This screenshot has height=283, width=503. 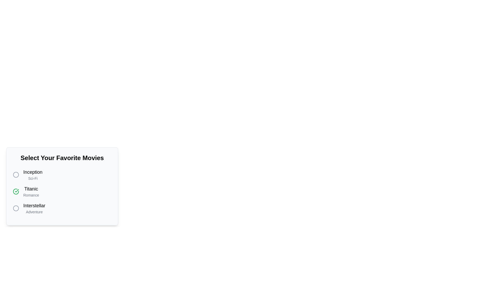 What do you see at coordinates (16, 192) in the screenshot?
I see `the movie Titanic by clicking its associated circular button` at bounding box center [16, 192].